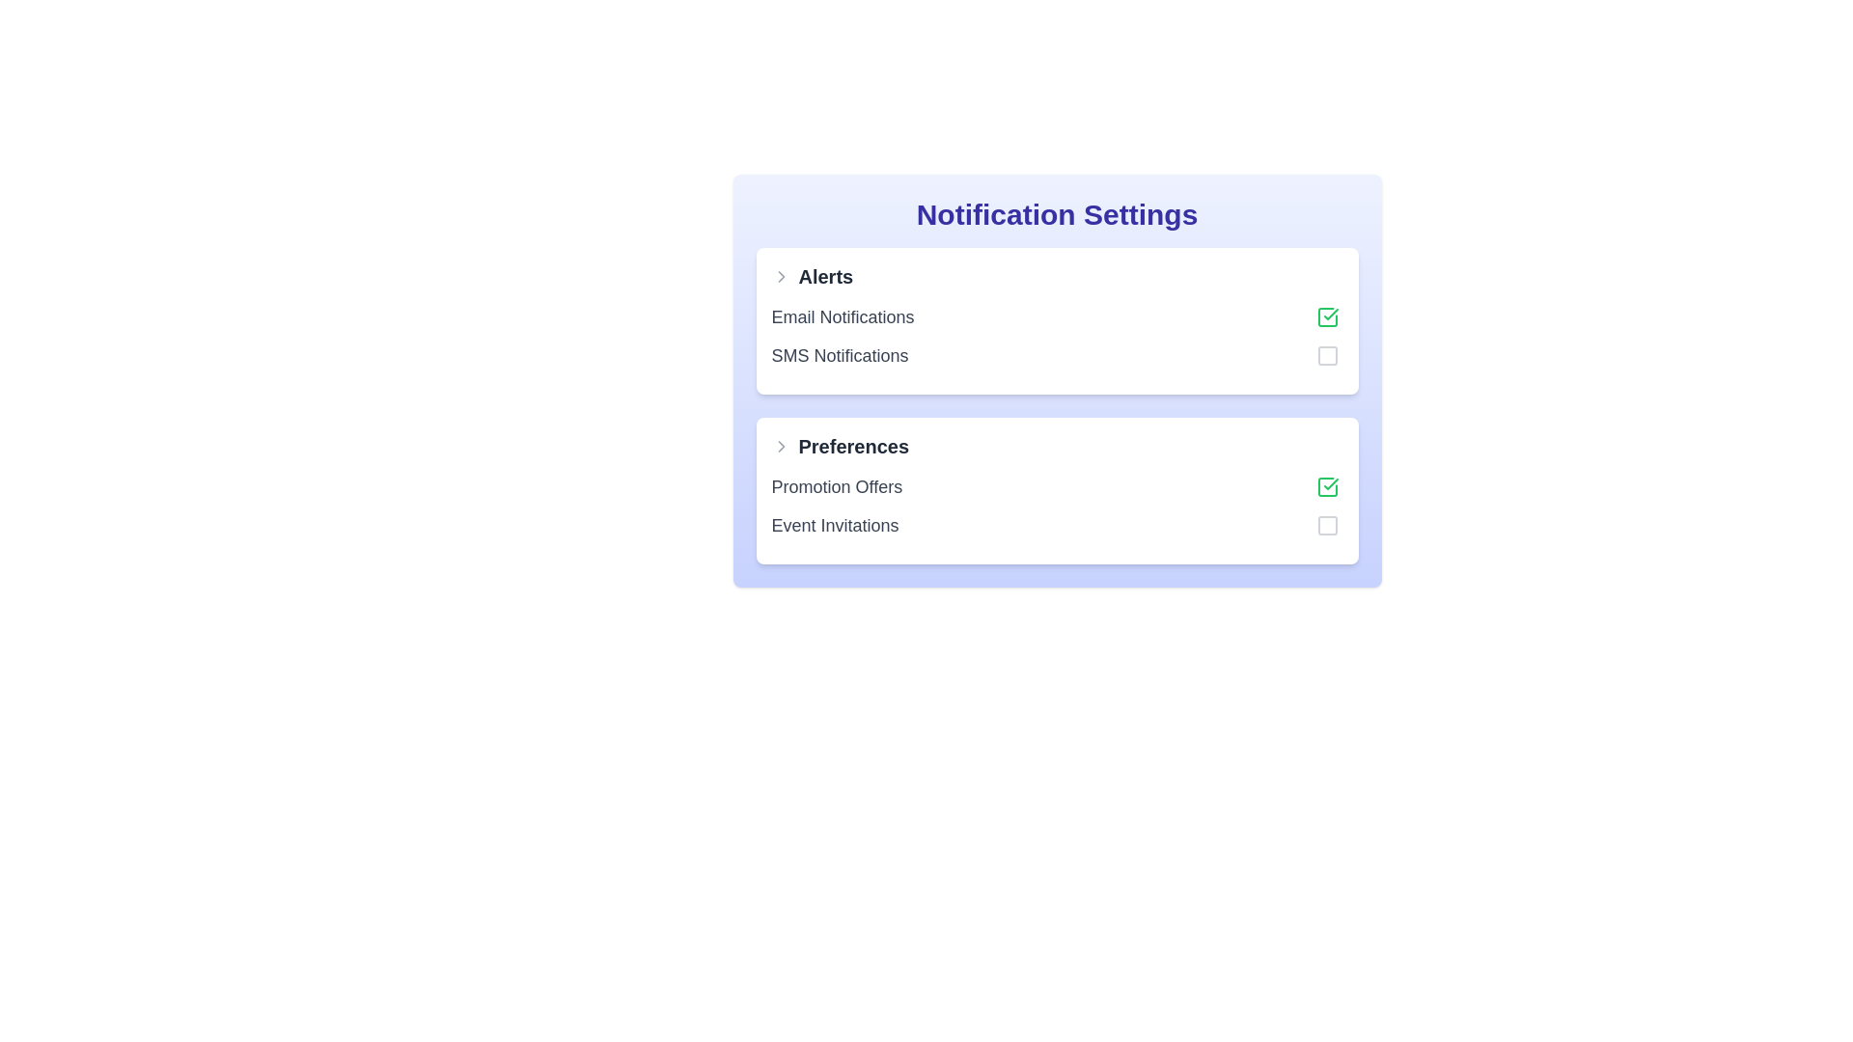 Image resolution: width=1853 pixels, height=1042 pixels. I want to click on the 'Promotion Offers' checkbox located at the far-right side of the 'Promotion Offers' row, so click(1326, 486).